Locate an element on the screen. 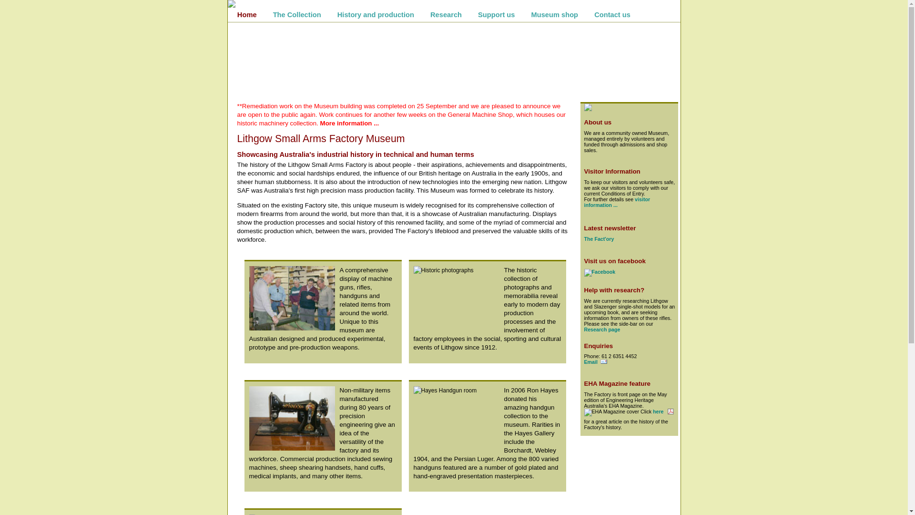 This screenshot has width=915, height=515. 'here' is located at coordinates (652, 411).